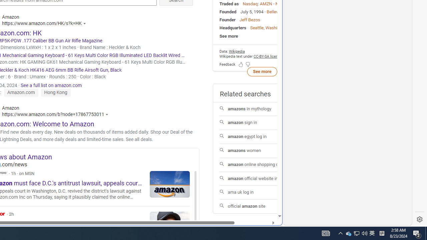 The height and width of the screenshot is (240, 427). I want to click on 'amazons women', so click(262, 151).